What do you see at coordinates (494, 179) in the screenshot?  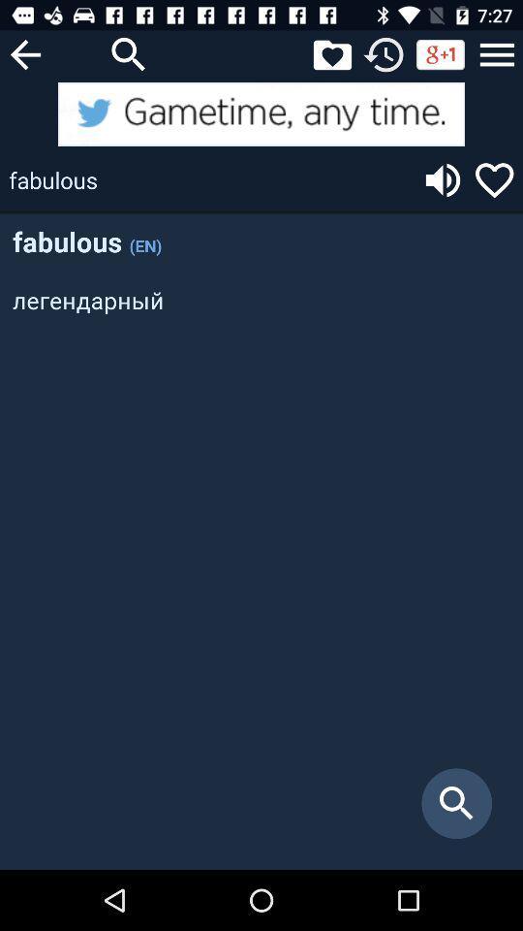 I see `like this option` at bounding box center [494, 179].